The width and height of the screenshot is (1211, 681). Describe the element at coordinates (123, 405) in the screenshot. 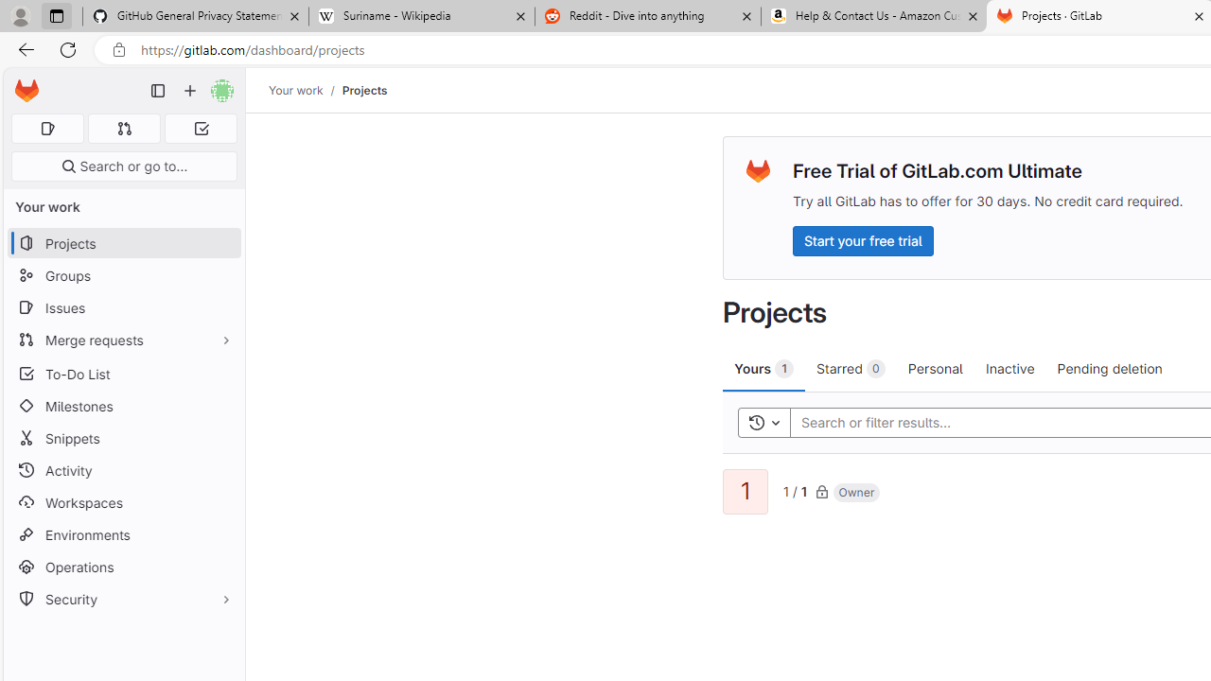

I see `'Milestones'` at that location.